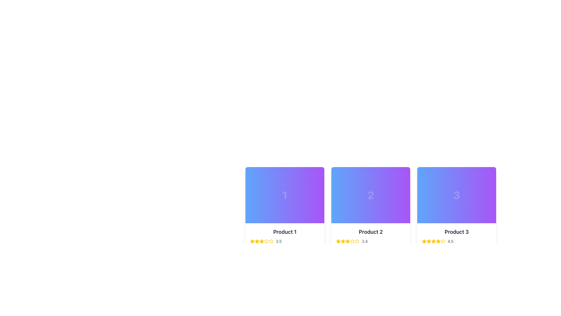  I want to click on the active star in the fourth position of the five-star rating component for 'Product 3', located below the product card, so click(433, 241).